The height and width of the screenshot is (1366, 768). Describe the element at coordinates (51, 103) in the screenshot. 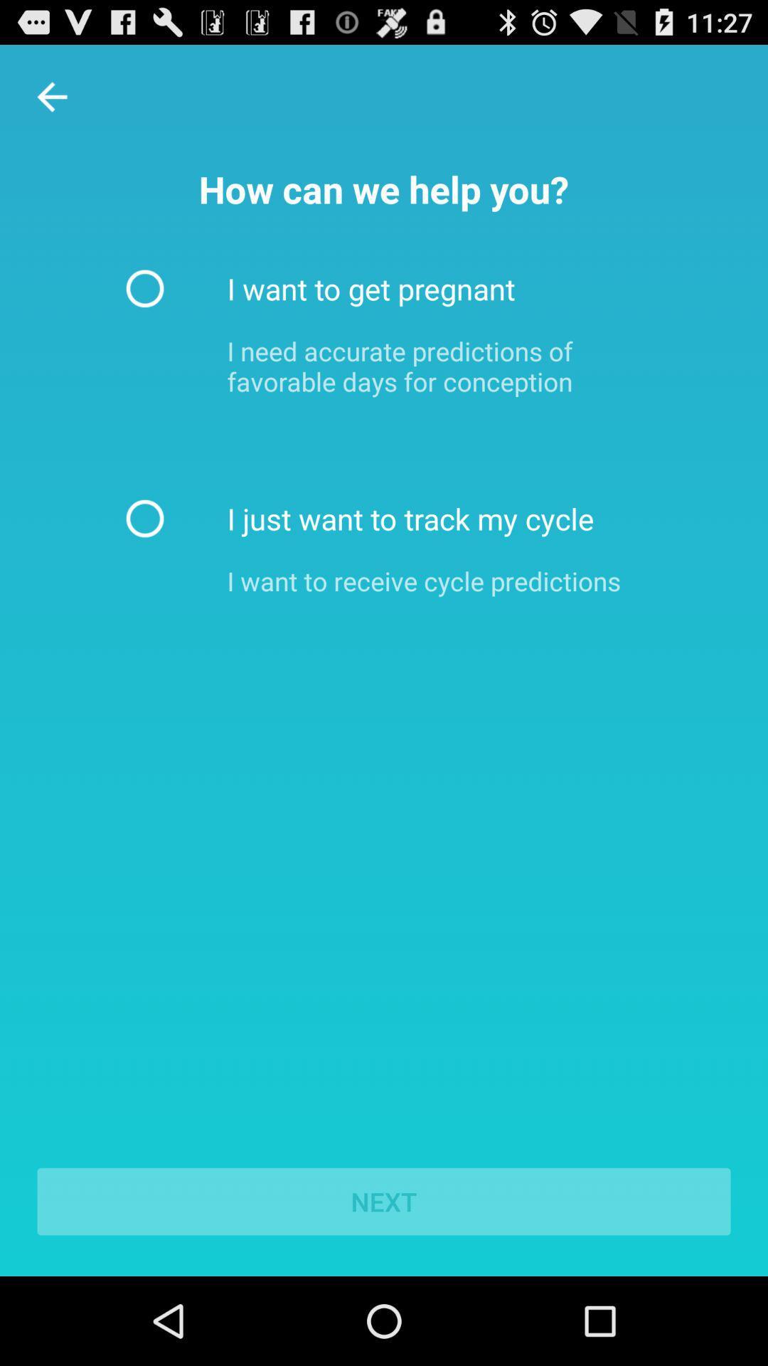

I see `the arrow_backward icon` at that location.